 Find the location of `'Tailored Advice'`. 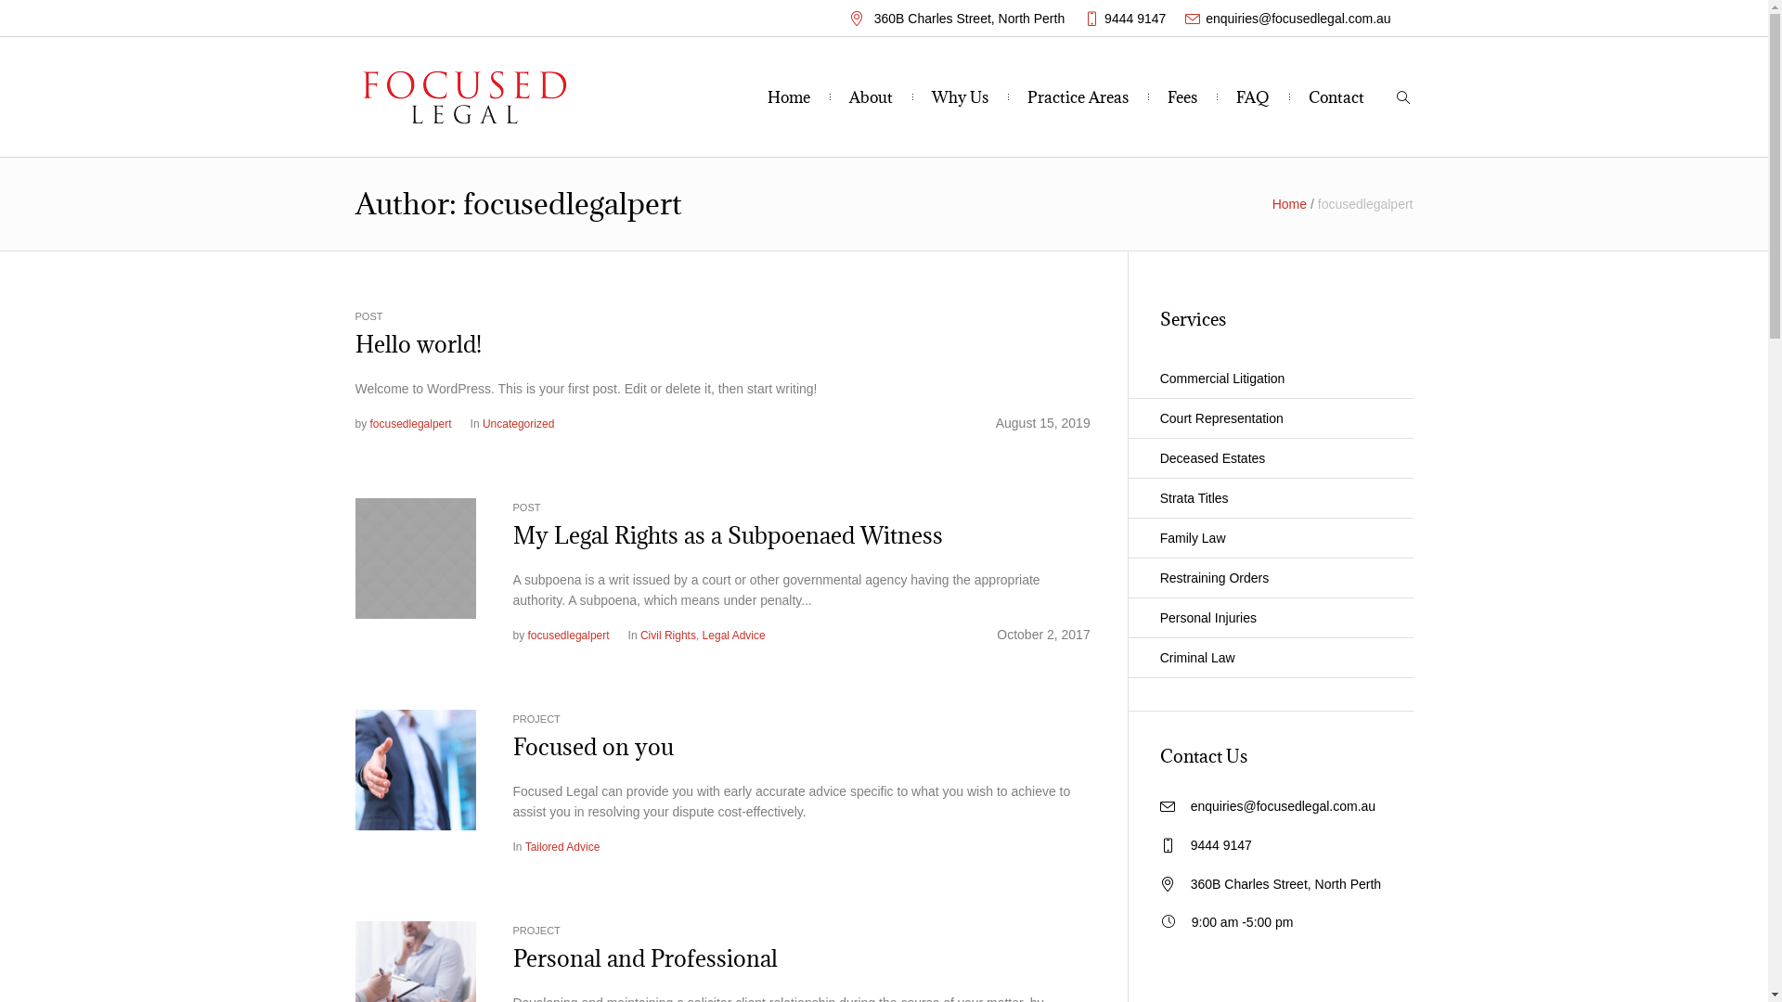

'Tailored Advice' is located at coordinates (562, 847).